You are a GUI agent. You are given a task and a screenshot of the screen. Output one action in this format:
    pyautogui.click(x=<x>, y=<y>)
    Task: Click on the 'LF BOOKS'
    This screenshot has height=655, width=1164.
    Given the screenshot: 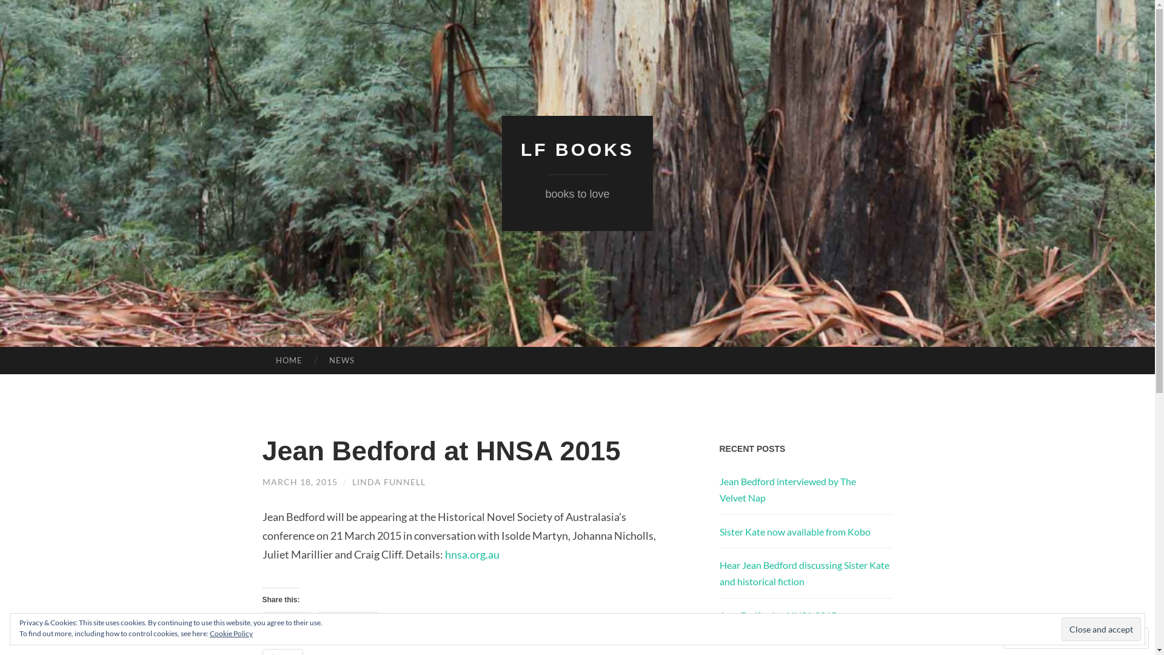 What is the action you would take?
    pyautogui.click(x=577, y=149)
    